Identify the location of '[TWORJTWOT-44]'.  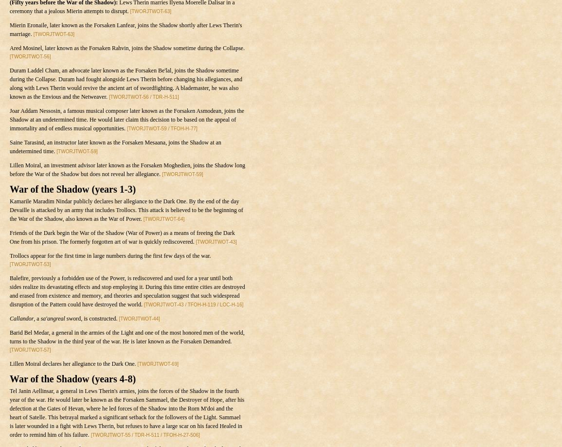
(139, 318).